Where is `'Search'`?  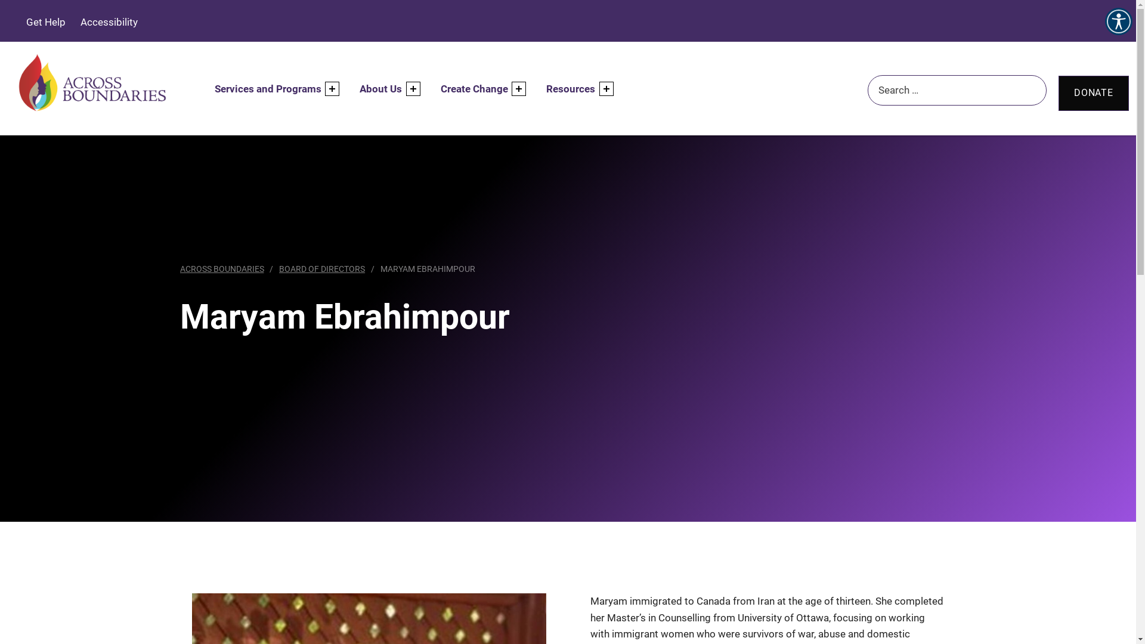
'Search' is located at coordinates (26, 14).